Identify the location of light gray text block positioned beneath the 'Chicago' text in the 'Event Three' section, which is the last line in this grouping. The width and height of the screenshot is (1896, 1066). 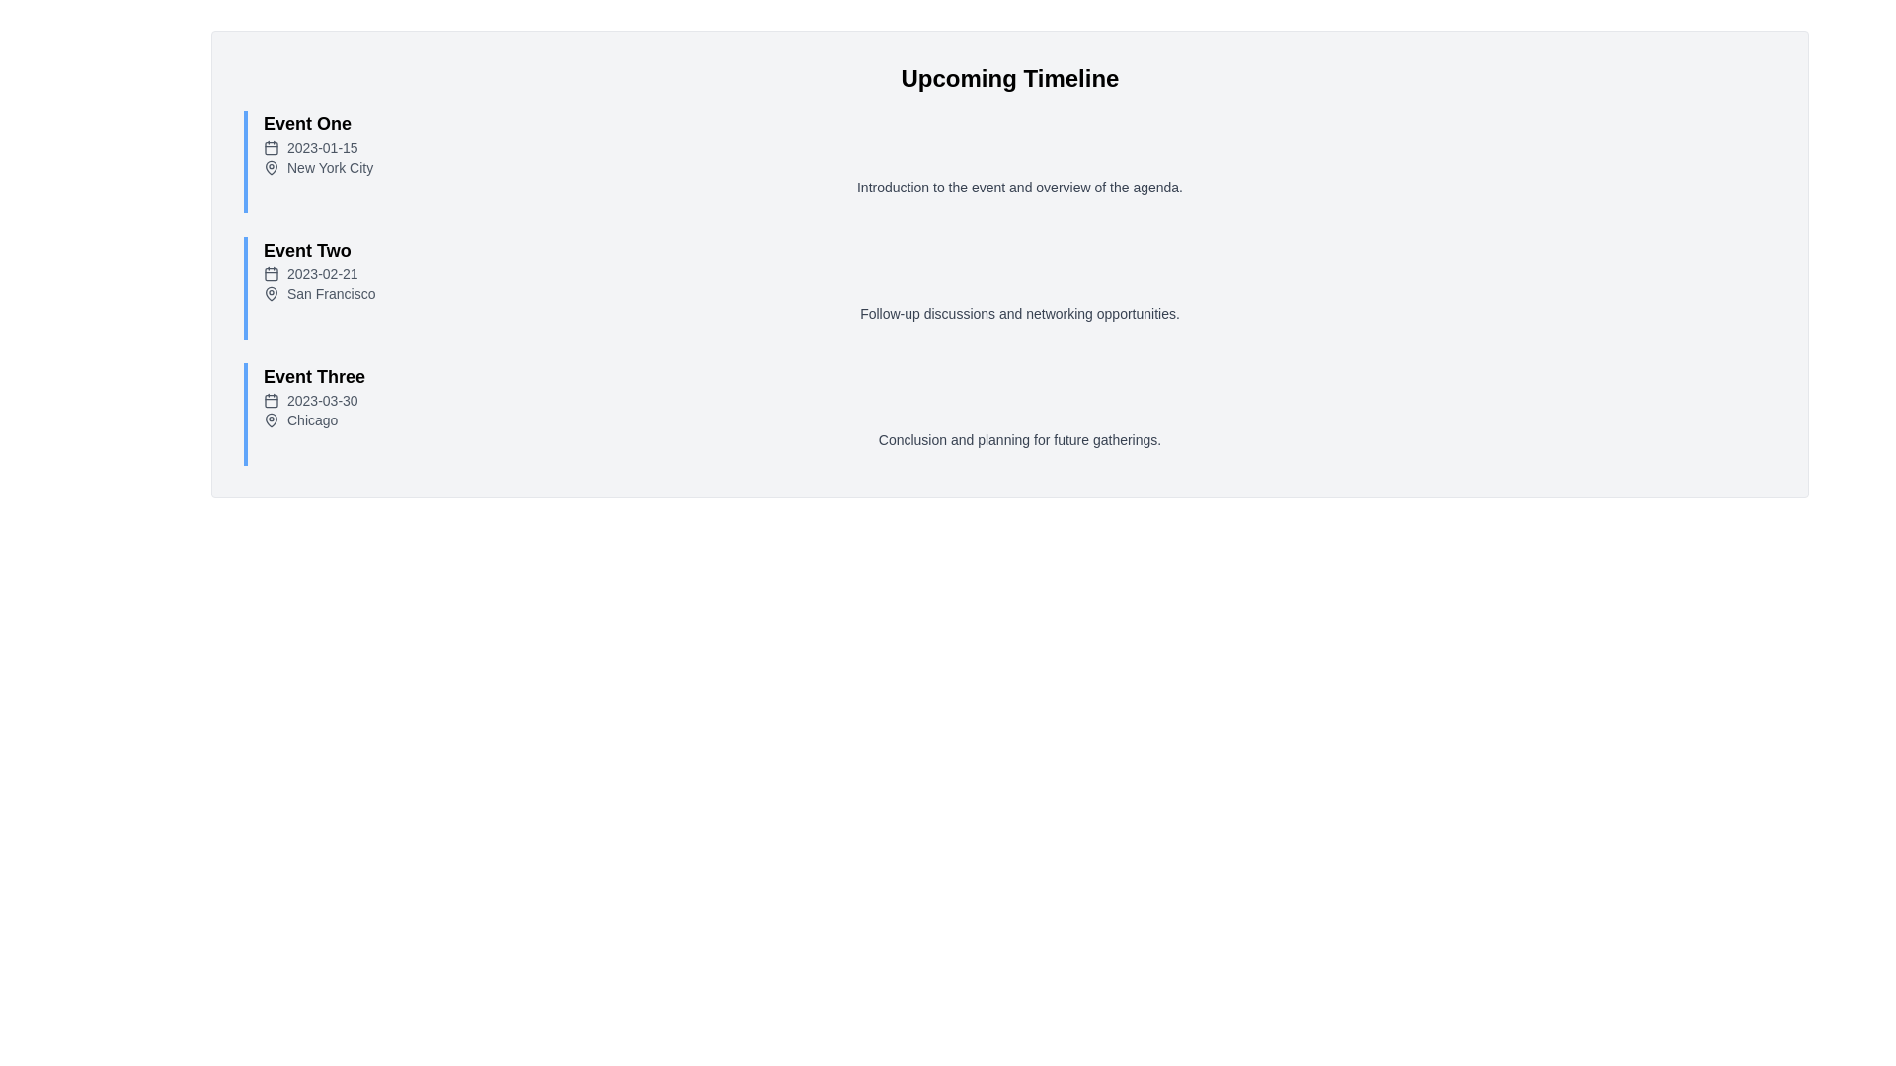
(1019, 439).